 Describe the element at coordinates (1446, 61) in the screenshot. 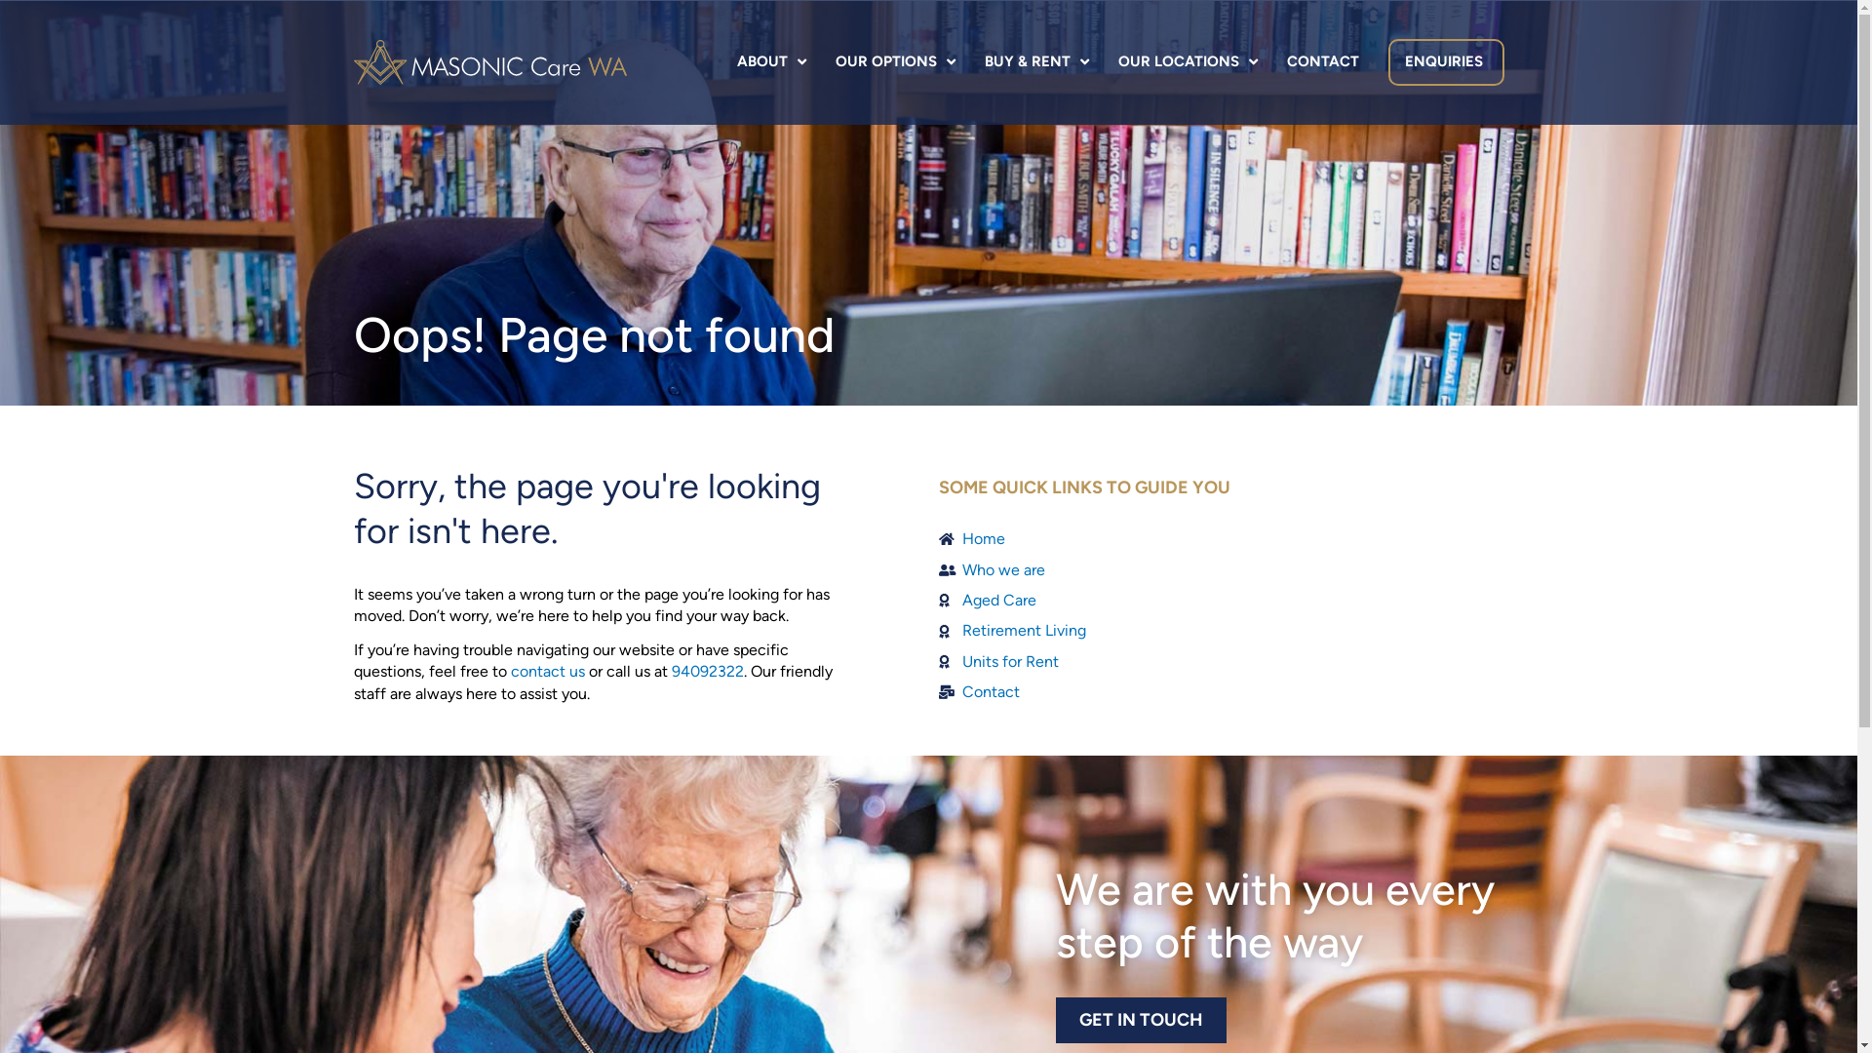

I see `'ENQUIRIES'` at that location.